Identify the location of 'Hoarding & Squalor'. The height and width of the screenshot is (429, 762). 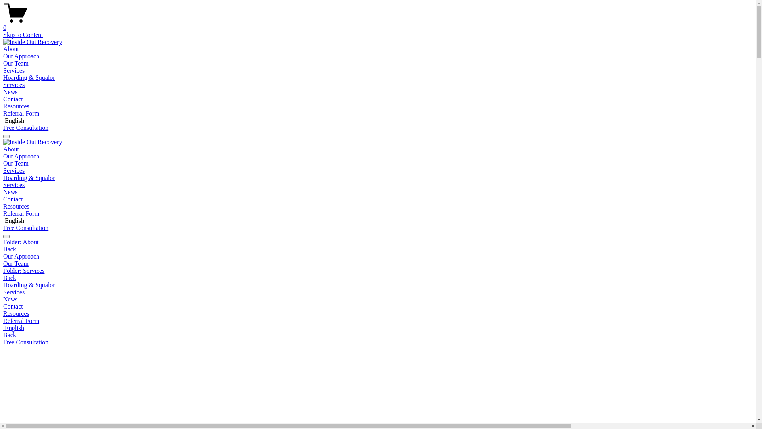
(29, 77).